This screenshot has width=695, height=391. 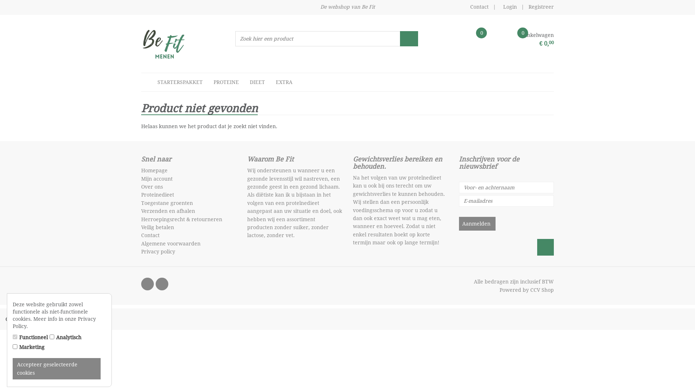 I want to click on '0', so click(x=453, y=41).